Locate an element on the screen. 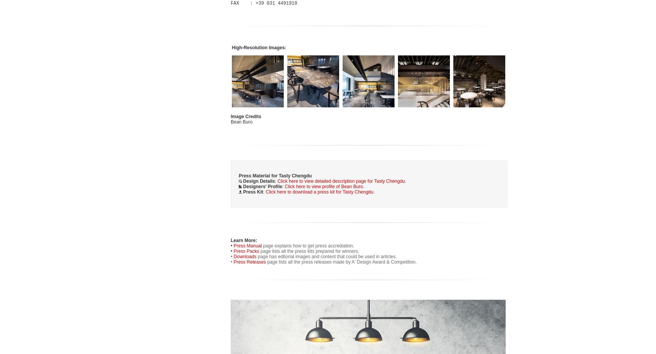 This screenshot has width=656, height=354. 'page explains how to get press accrediation.' is located at coordinates (308, 245).